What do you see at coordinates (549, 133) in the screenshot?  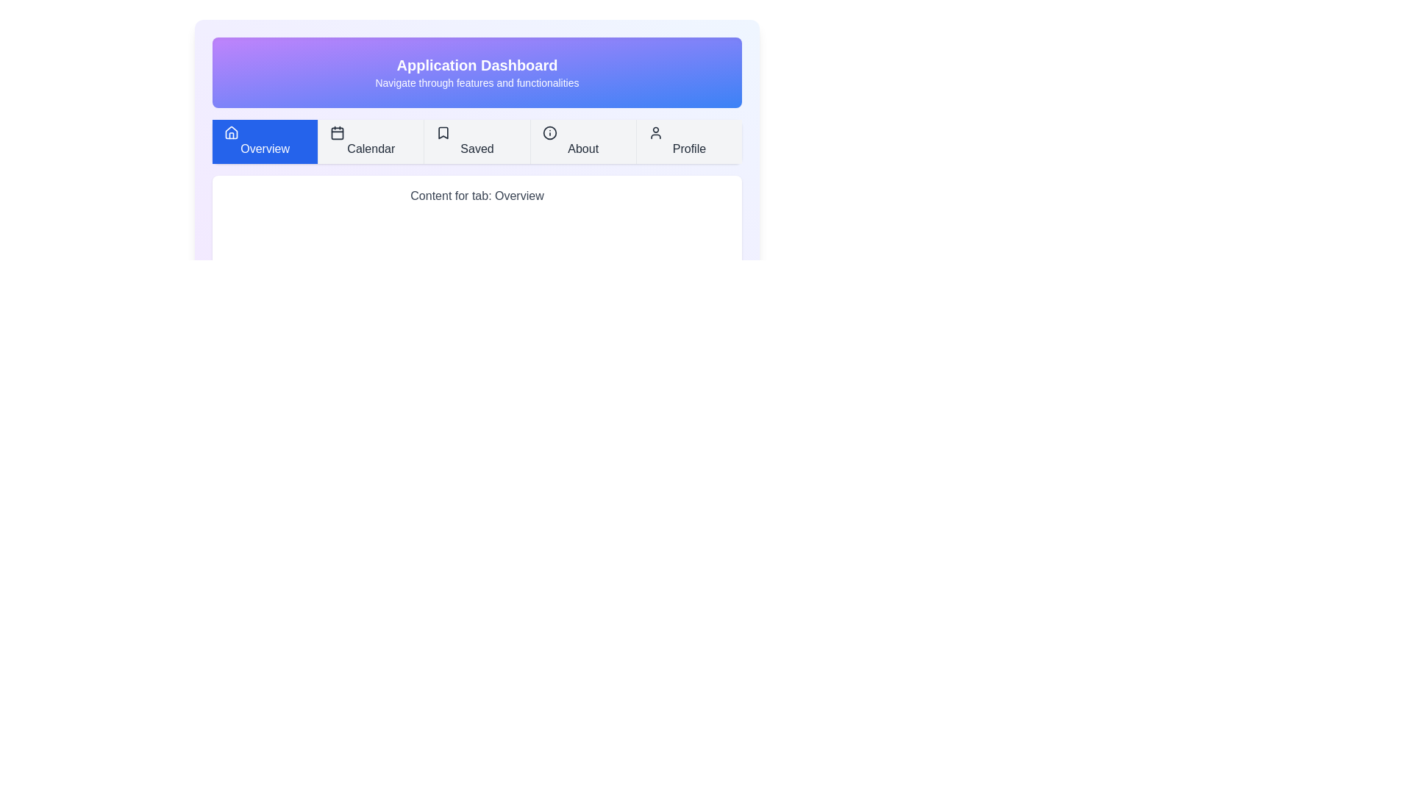 I see `the circular element in the informational icon located in the header section below the main application title, part of the navigation menu labeled 'About'` at bounding box center [549, 133].